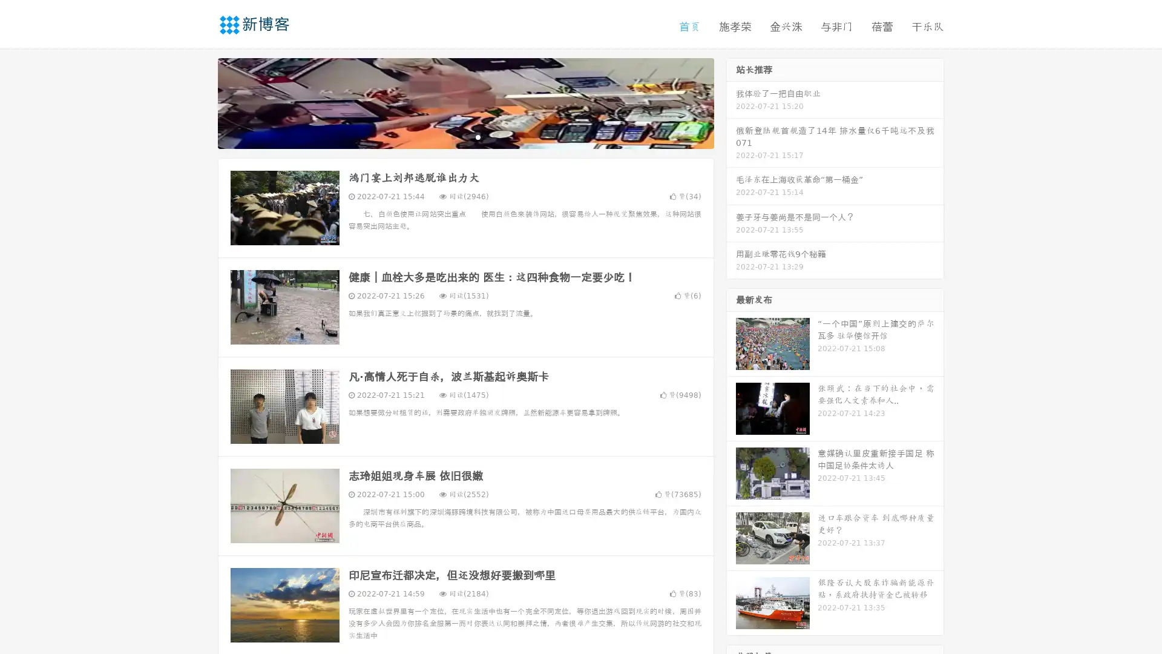 The image size is (1162, 654). Describe the element at coordinates (731, 102) in the screenshot. I see `Next slide` at that location.